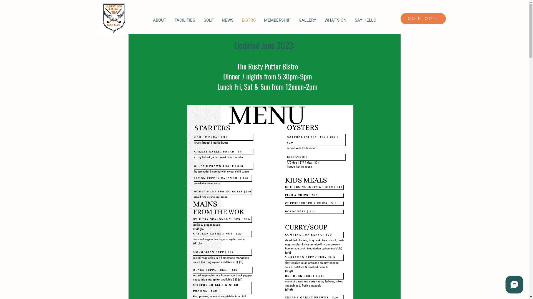 Image resolution: width=533 pixels, height=299 pixels. What do you see at coordinates (400, 18) in the screenshot?
I see `'GOLF LOGIN'` at bounding box center [400, 18].